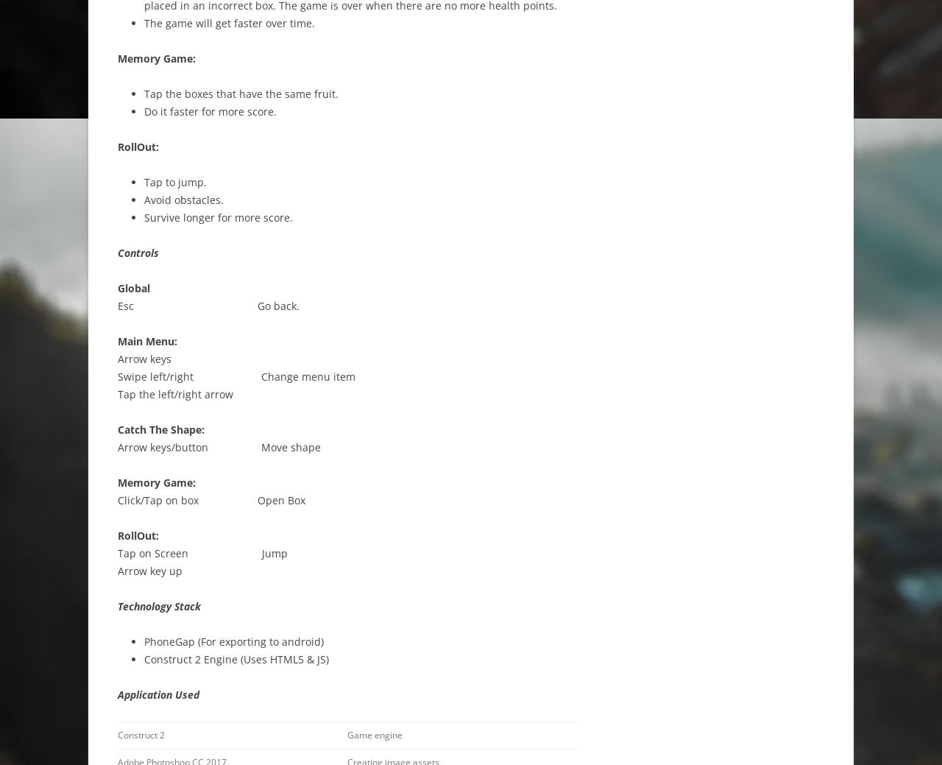  Describe the element at coordinates (118, 447) in the screenshot. I see `'Arrow keys/button                  Move shape'` at that location.